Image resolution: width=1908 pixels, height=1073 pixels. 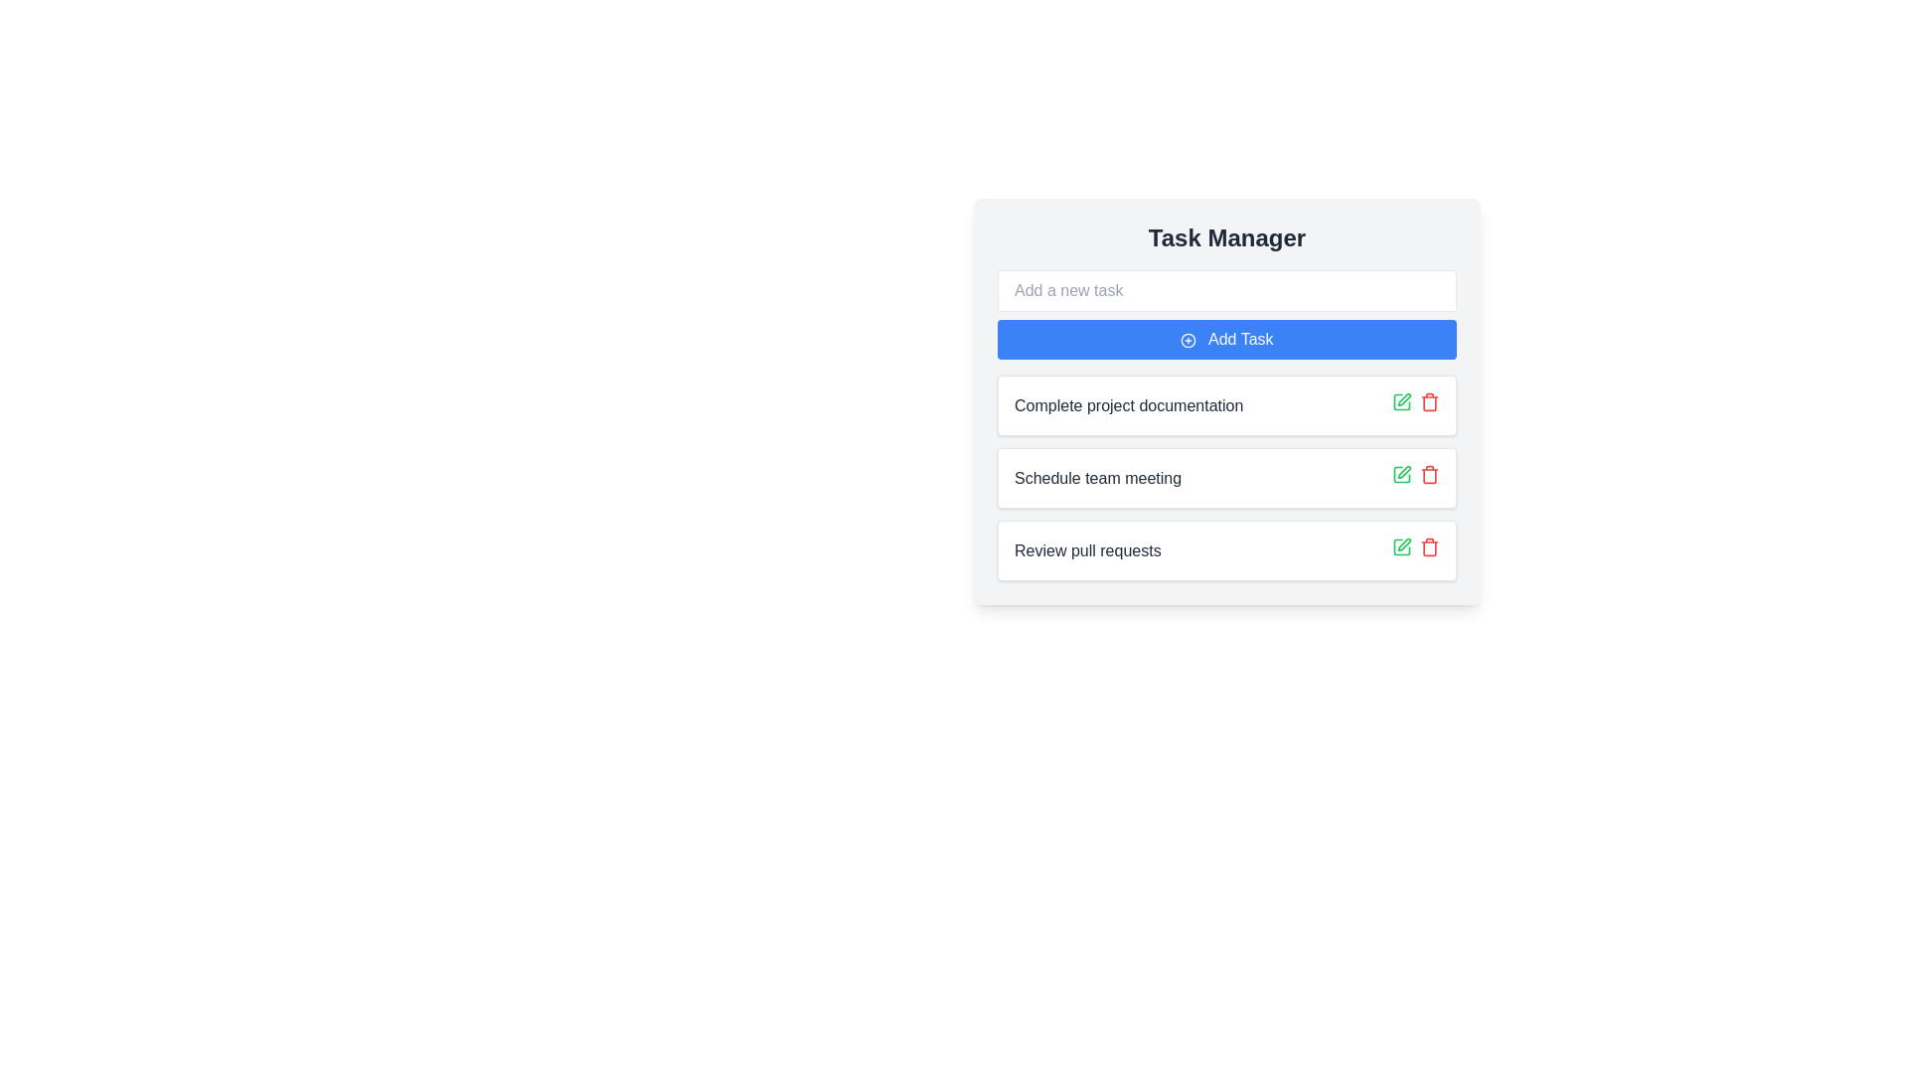 I want to click on the delete action icon button for the task 'Review pull requests' in the Task Manager application, so click(x=1429, y=475).